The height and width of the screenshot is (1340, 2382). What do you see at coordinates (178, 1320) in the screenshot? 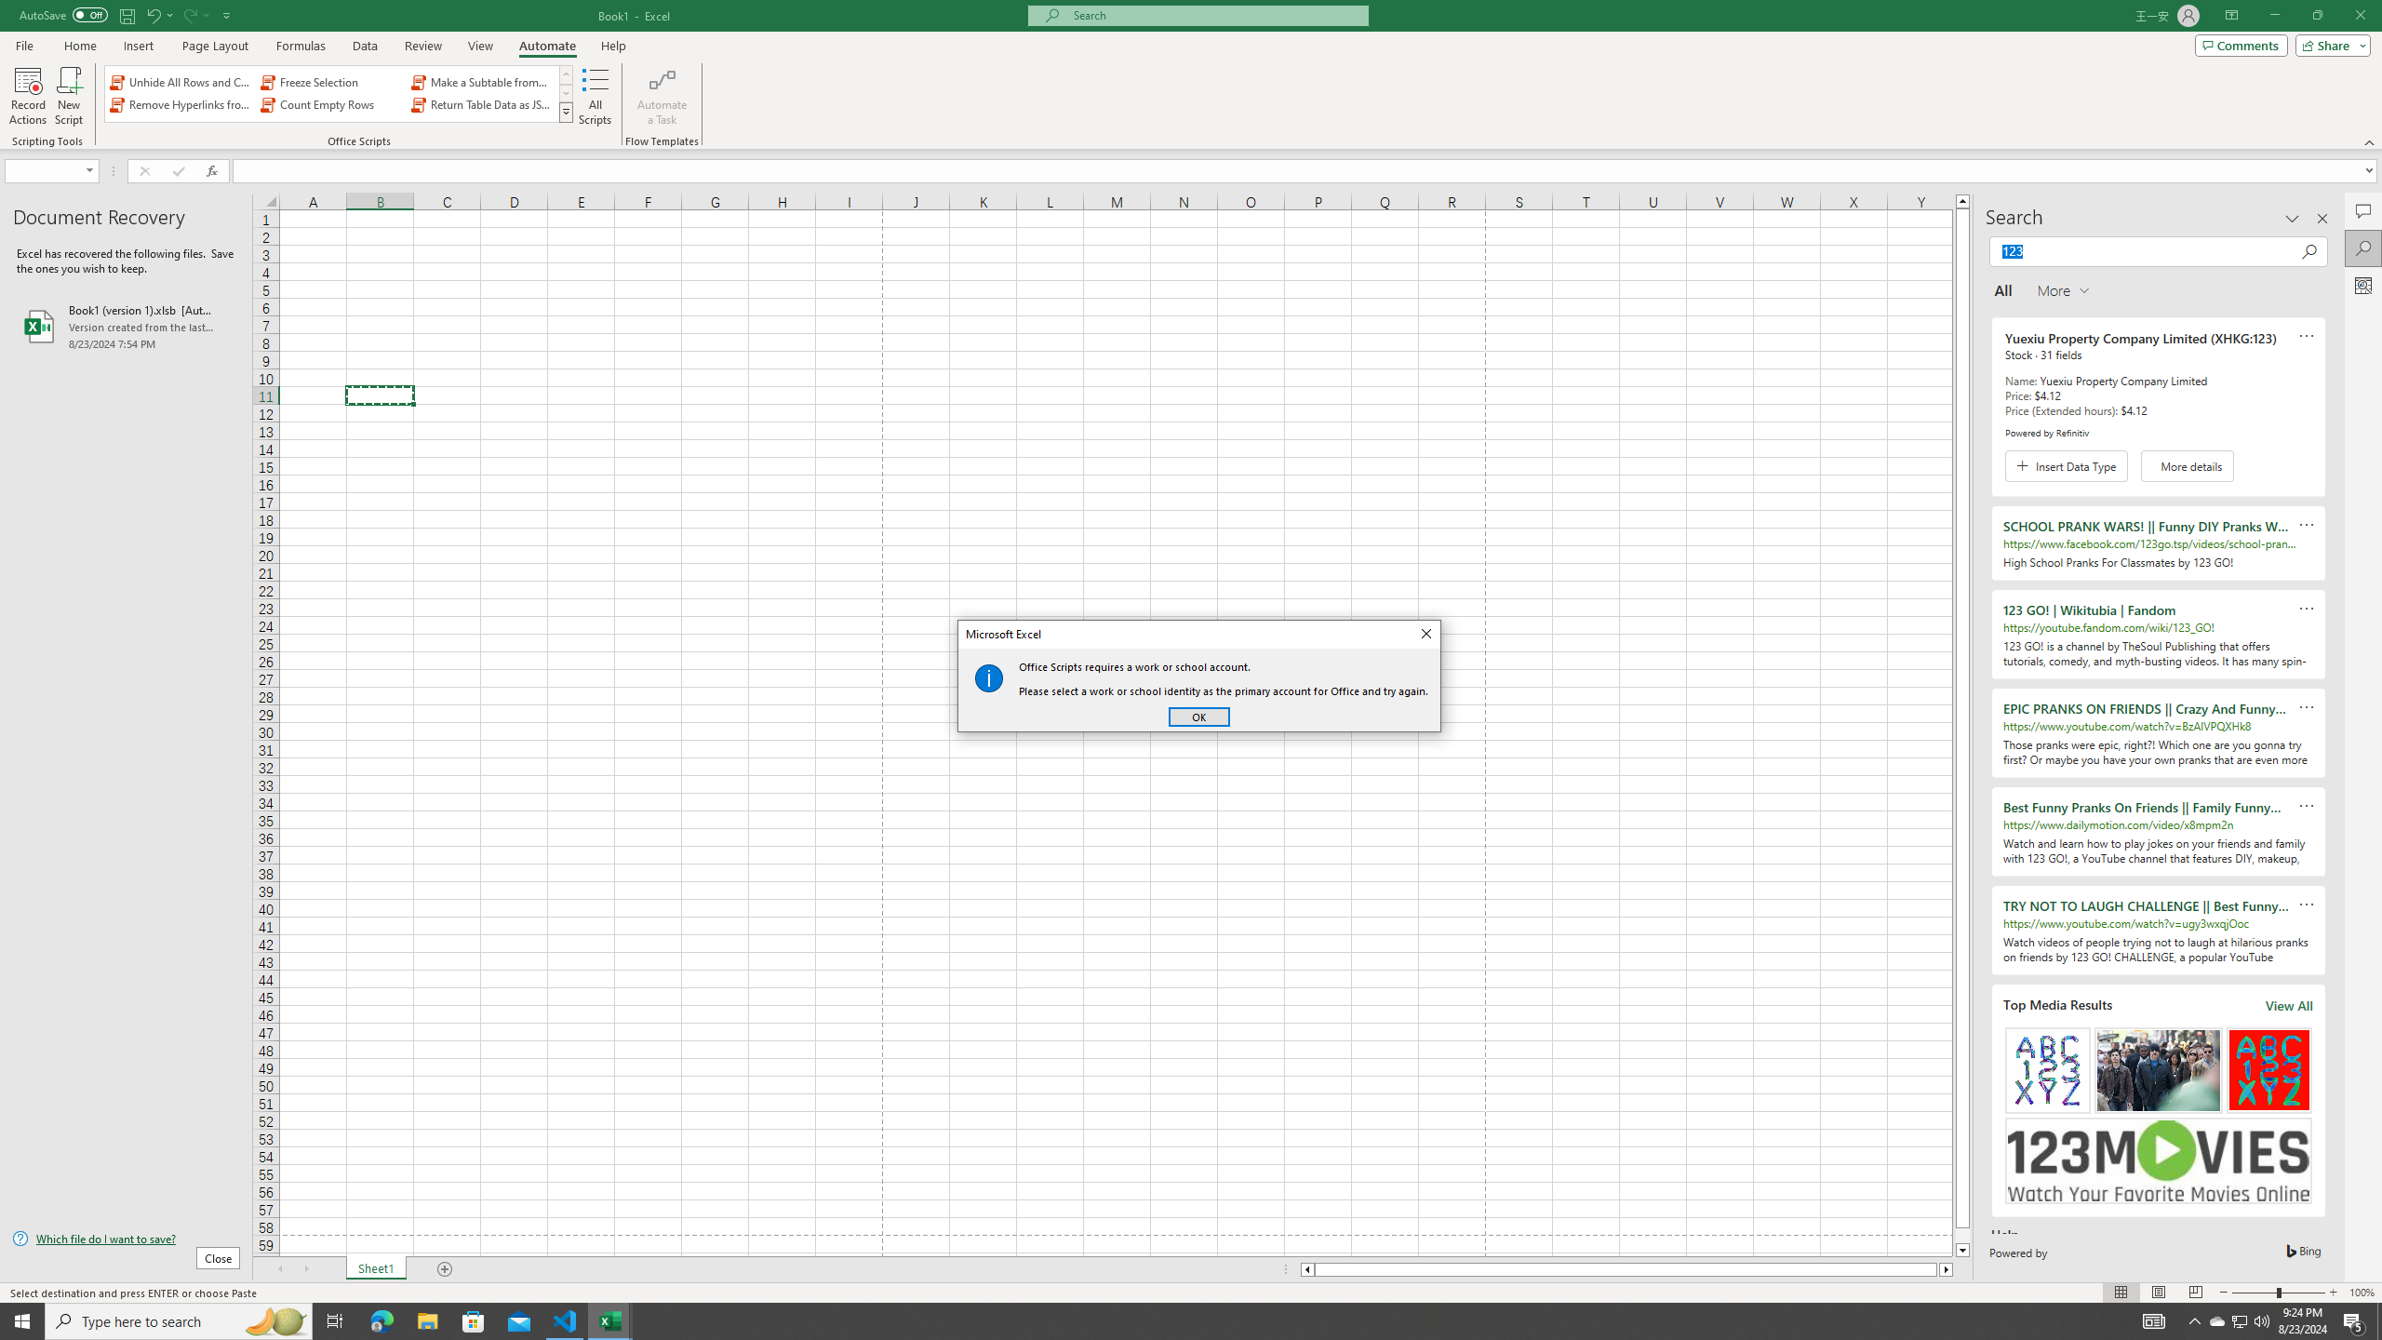
I see `'Type here to search'` at bounding box center [178, 1320].